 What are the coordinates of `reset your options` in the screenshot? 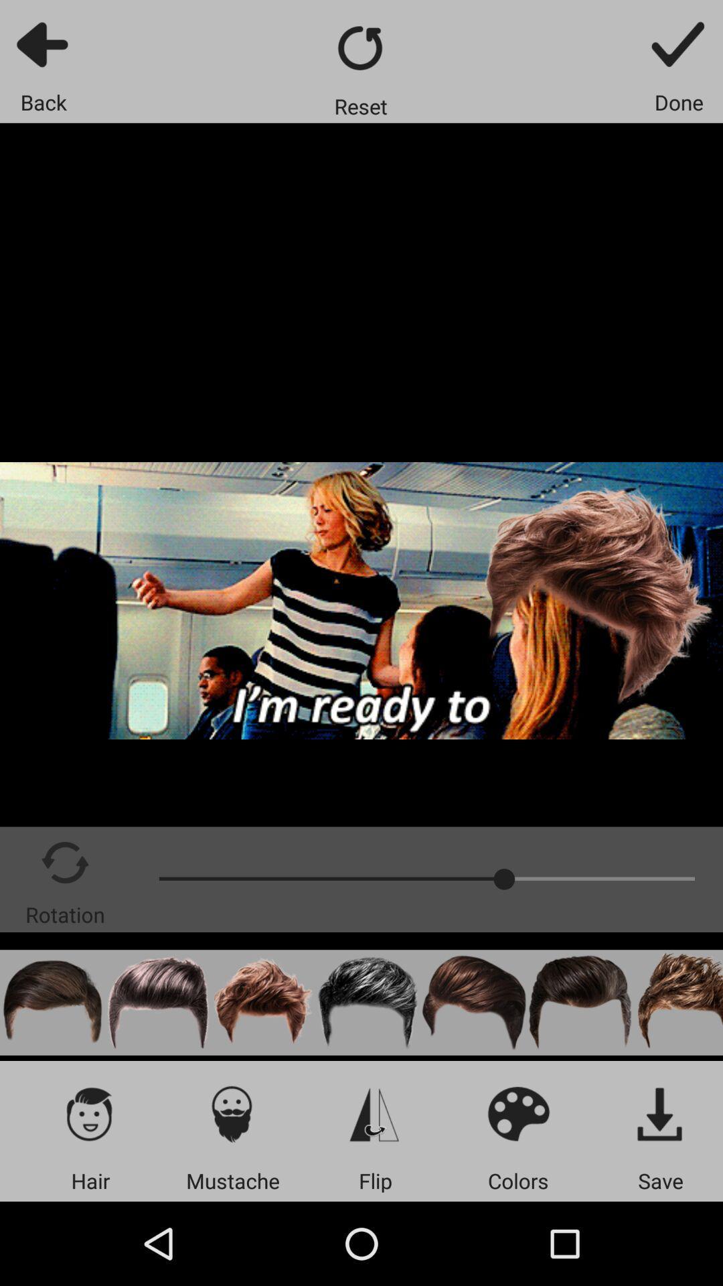 It's located at (360, 48).